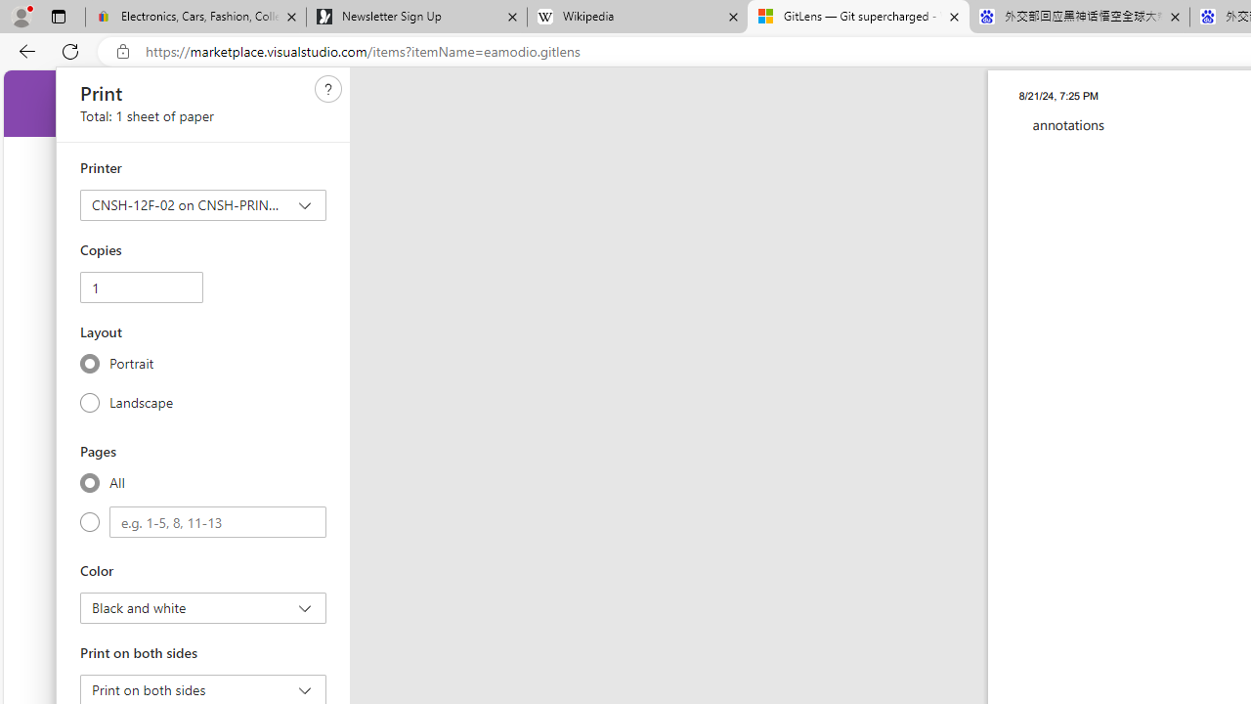  I want to click on 'Color Black and white', so click(203, 607).